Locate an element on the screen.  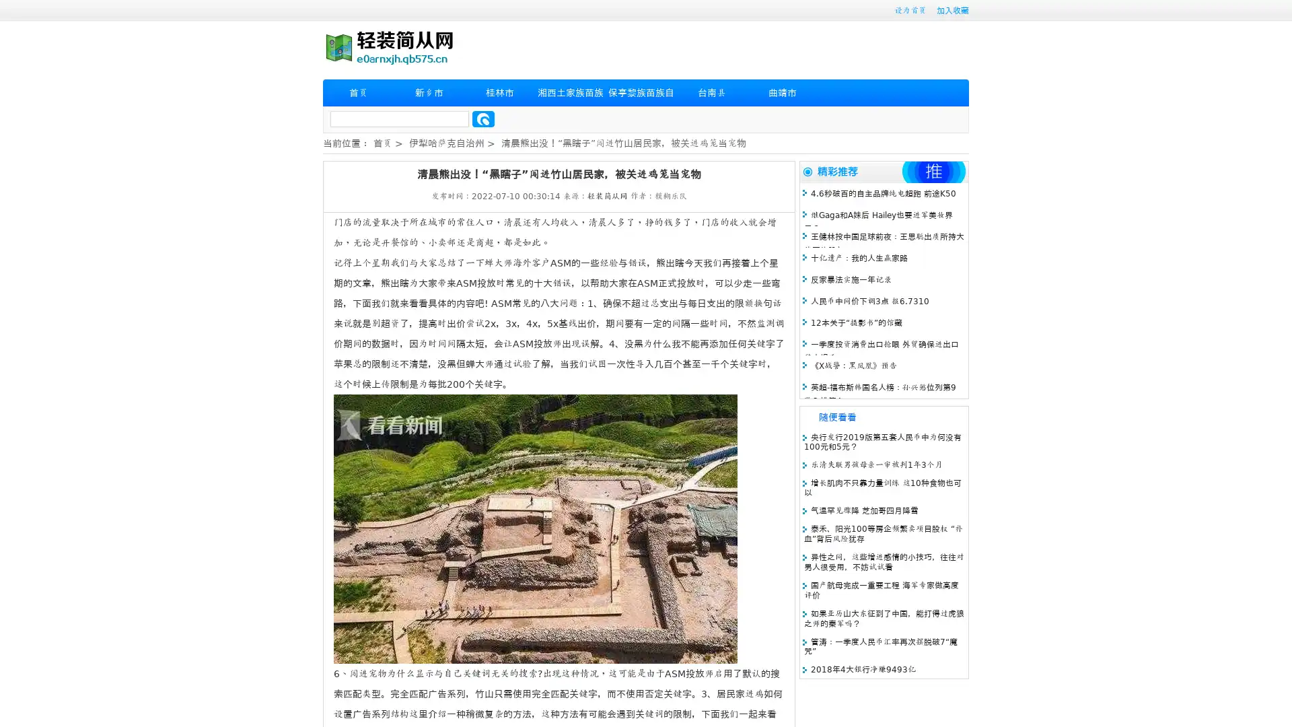
Search is located at coordinates (483, 118).